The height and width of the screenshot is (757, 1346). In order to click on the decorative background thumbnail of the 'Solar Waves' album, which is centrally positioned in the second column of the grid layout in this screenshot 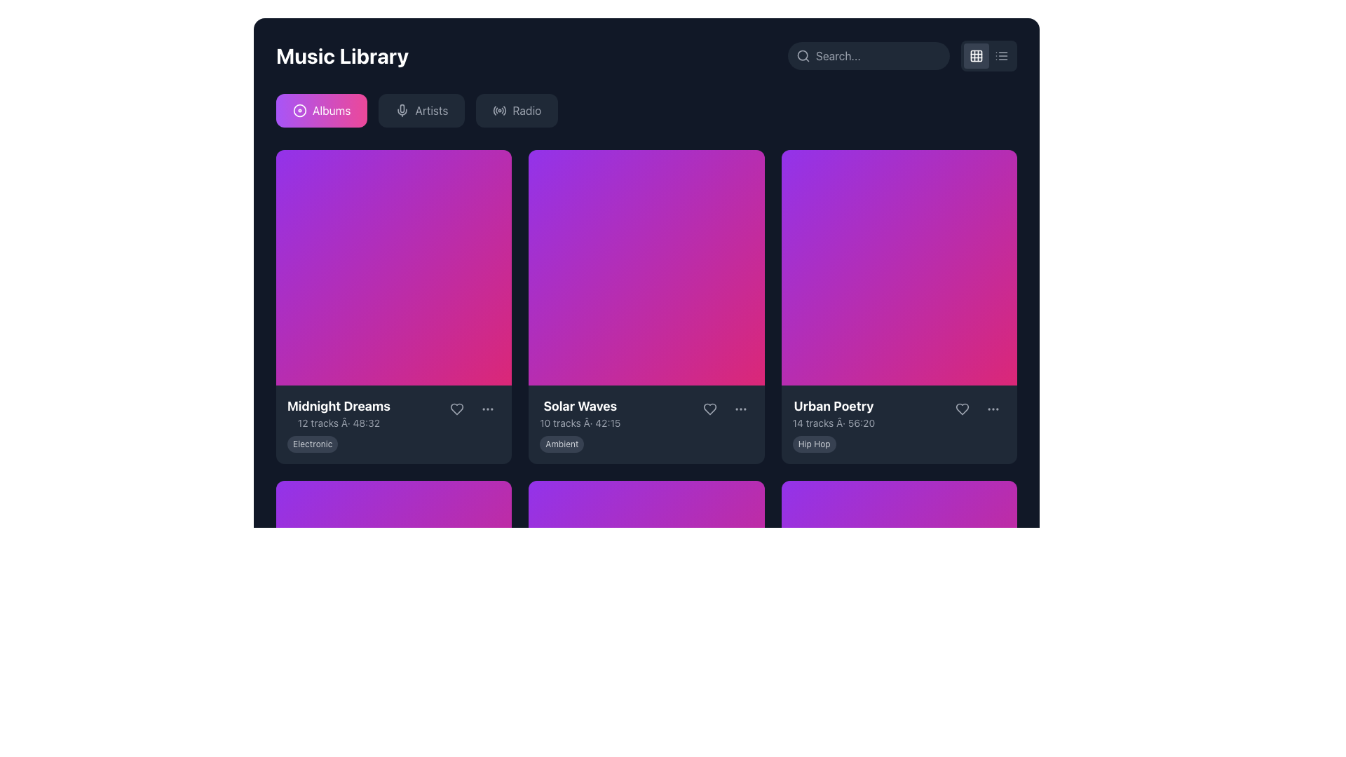, I will do `click(646, 268)`.